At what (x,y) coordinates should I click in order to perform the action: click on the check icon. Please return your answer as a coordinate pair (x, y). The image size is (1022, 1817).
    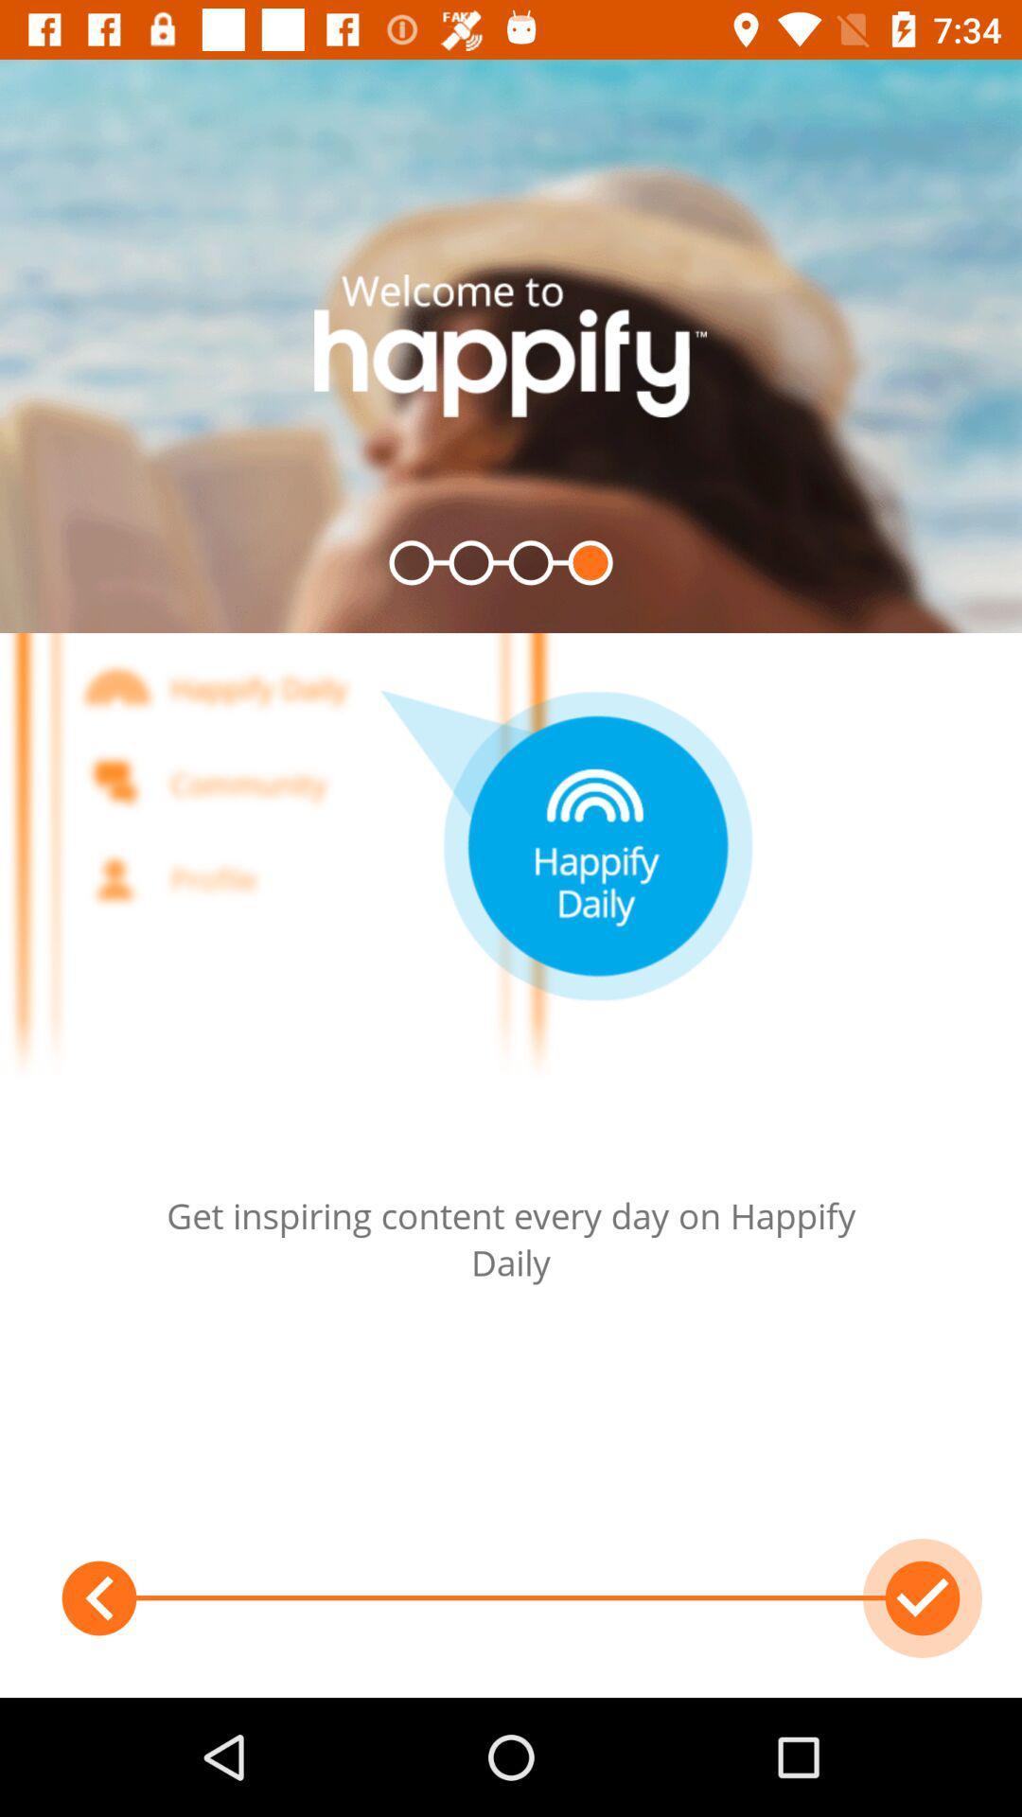
    Looking at the image, I should click on (922, 1597).